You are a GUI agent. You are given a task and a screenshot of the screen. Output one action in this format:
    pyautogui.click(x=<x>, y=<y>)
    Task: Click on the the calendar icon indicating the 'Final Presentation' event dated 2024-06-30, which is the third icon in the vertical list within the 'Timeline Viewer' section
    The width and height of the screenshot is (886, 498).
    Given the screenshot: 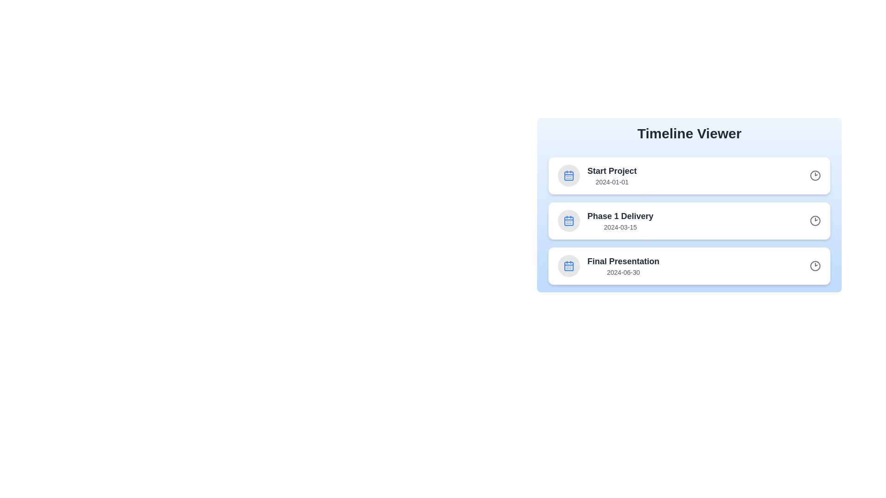 What is the action you would take?
    pyautogui.click(x=569, y=267)
    